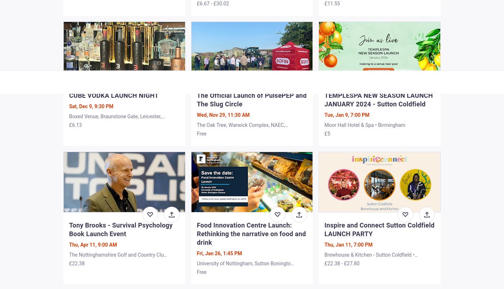 This screenshot has width=504, height=289. What do you see at coordinates (379, 229) in the screenshot?
I see `'Inspire and Connect Sutton Coldfield LAUNCH PARTY'` at bounding box center [379, 229].